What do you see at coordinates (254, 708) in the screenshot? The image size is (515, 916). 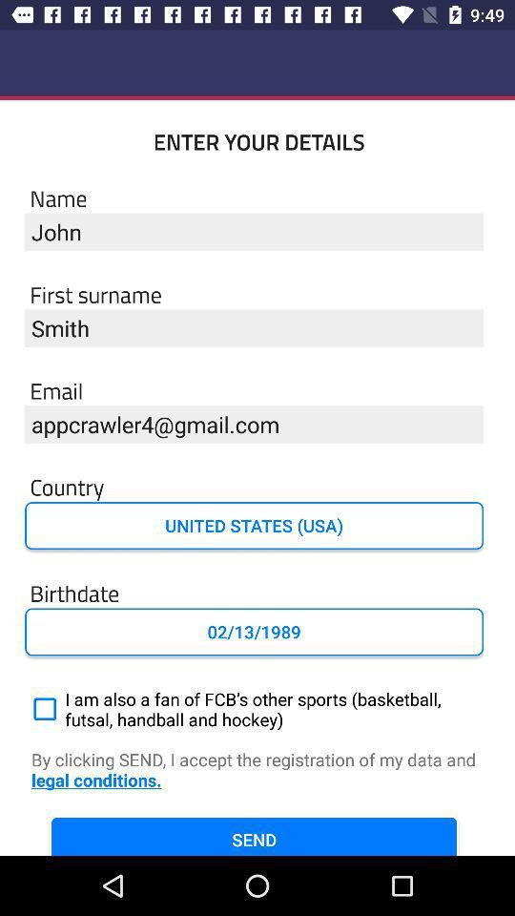 I see `i am also item` at bounding box center [254, 708].